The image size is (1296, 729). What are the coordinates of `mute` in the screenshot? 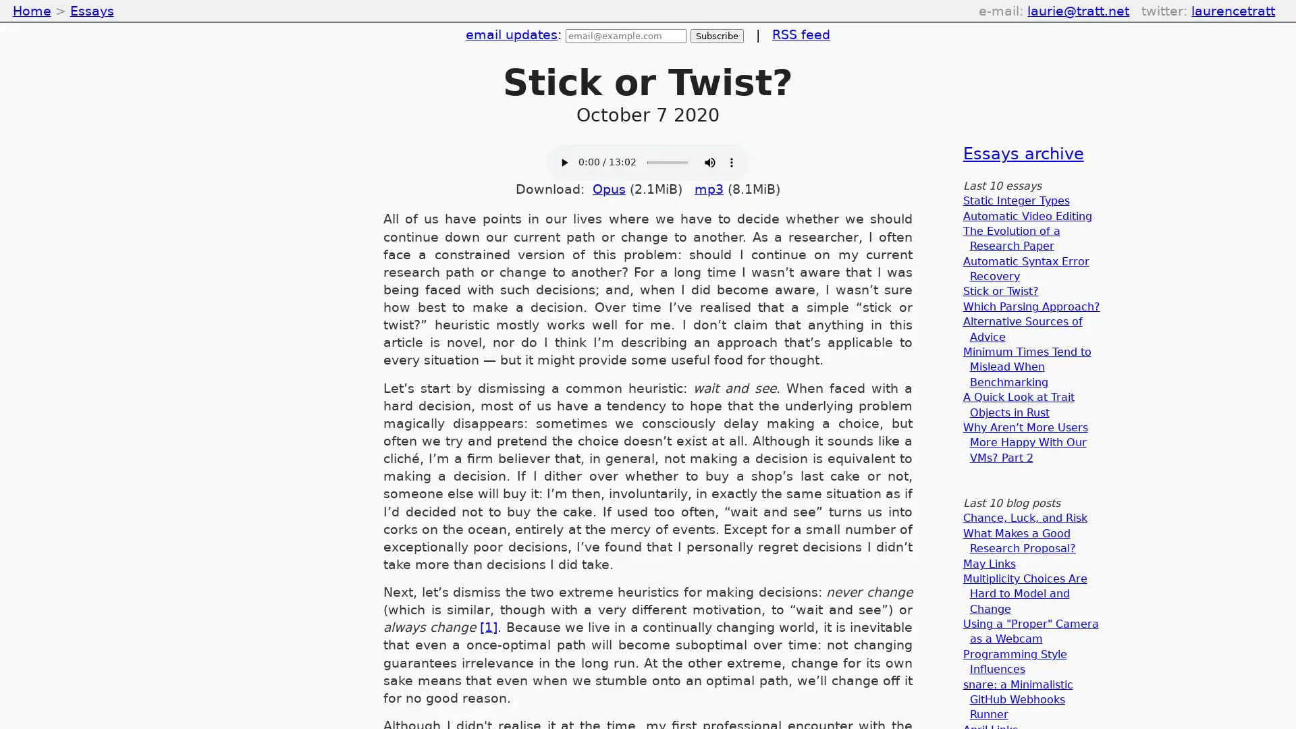 It's located at (709, 161).